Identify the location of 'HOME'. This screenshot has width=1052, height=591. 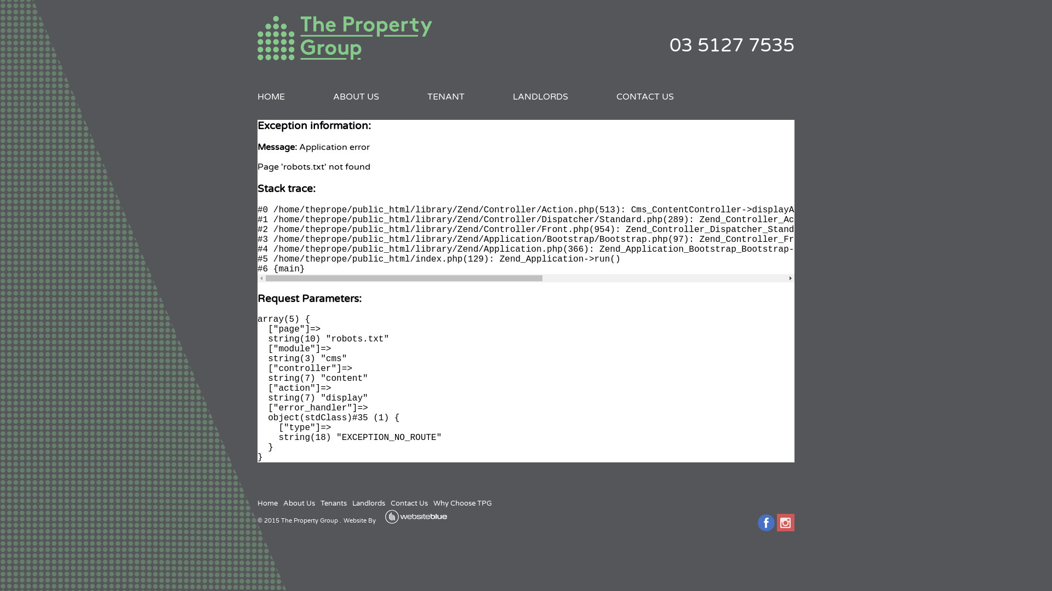
(271, 96).